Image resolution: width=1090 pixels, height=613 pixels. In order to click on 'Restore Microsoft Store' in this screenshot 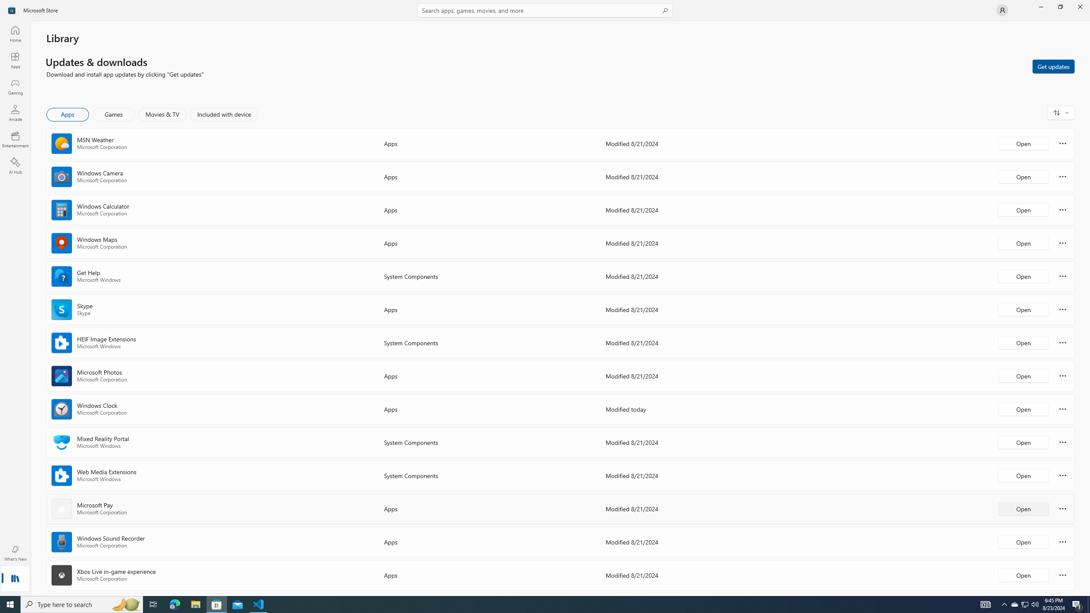, I will do `click(1060, 6)`.